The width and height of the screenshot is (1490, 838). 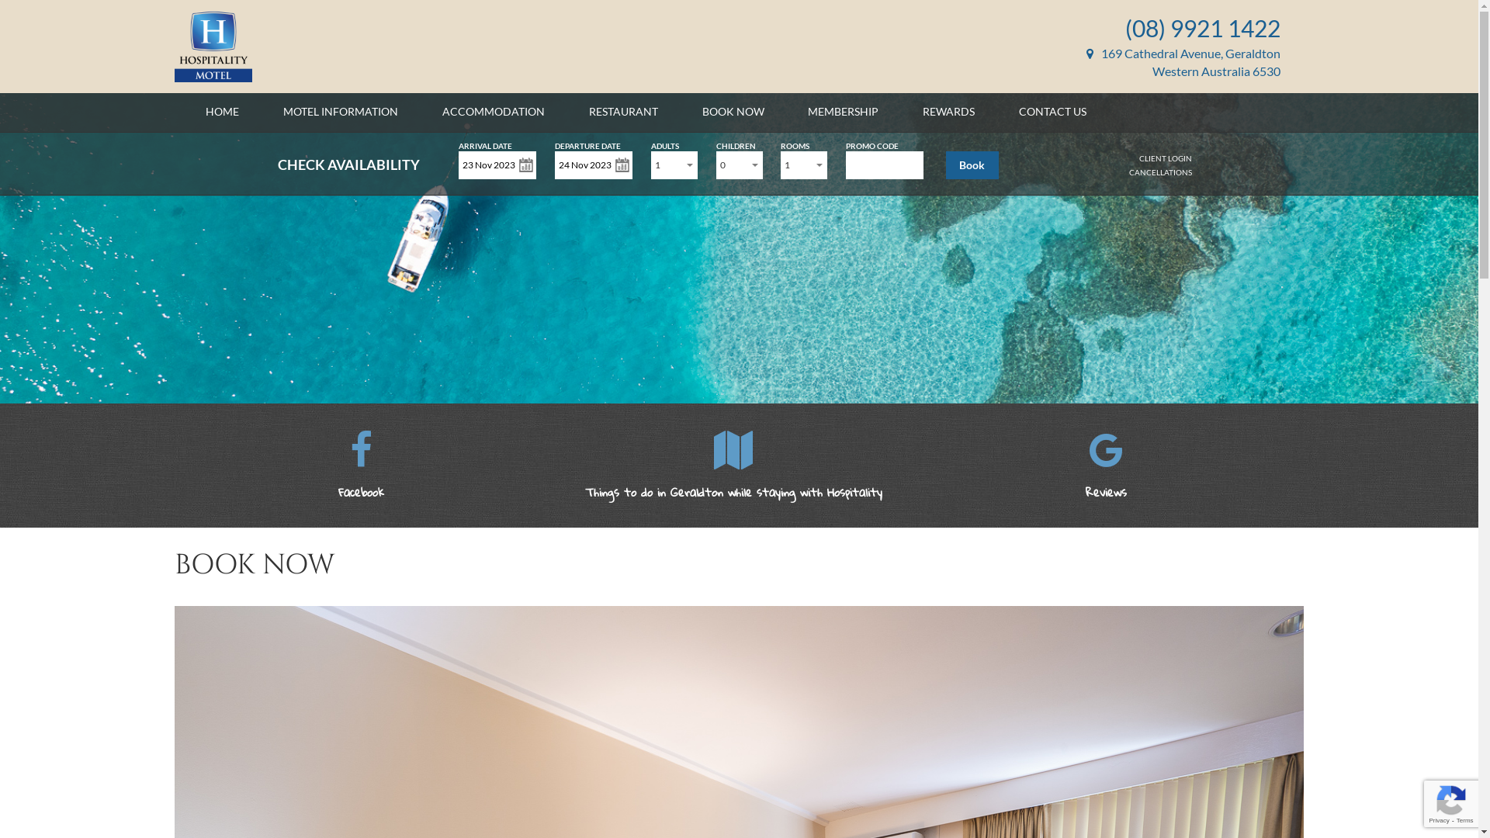 What do you see at coordinates (360, 476) in the screenshot?
I see `'Facebook'` at bounding box center [360, 476].